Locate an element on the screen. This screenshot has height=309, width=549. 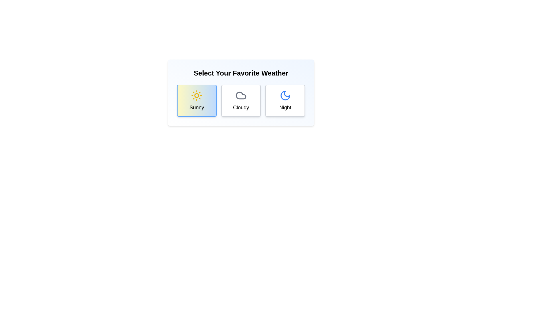
the 'Night' option icon in the weather selection menu, which is located at the rightmost position among the three options (Sunny, Cloudy, Night) is located at coordinates (285, 95).